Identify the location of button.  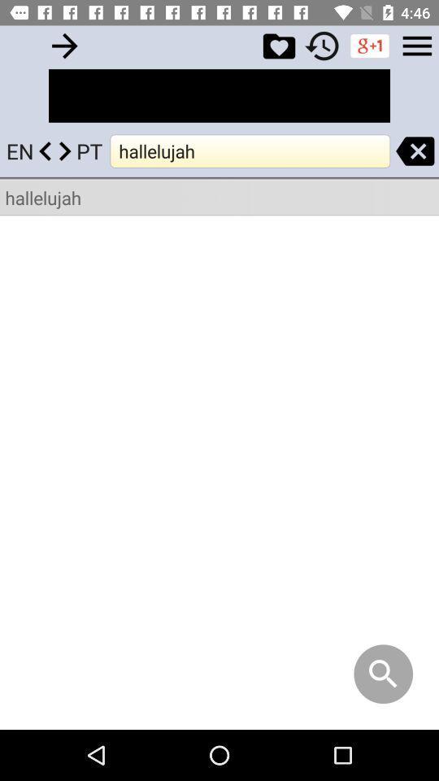
(278, 45).